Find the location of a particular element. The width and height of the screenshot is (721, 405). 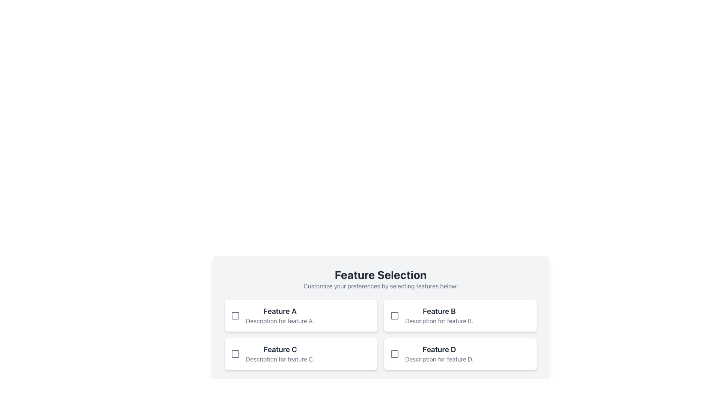

the 'Feature D' Text Label located in the lower-right side of the 'Feature Selection' grid, which provides information about this specific feature is located at coordinates (439, 354).